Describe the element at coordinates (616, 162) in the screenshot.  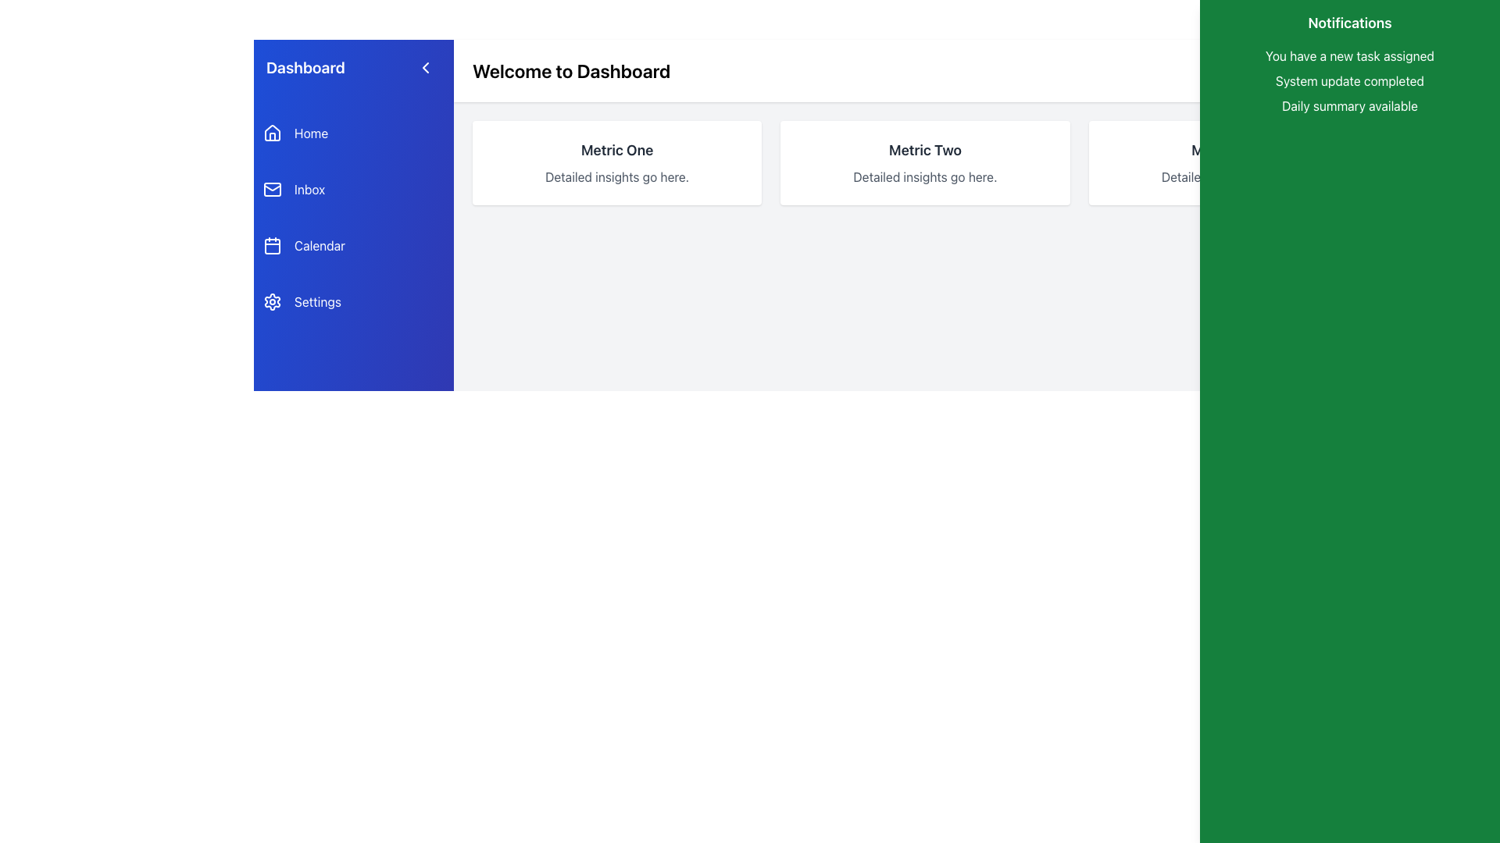
I see `the Informational Card that presents 'Metric One' and its description 'Detailed insights go here', located in the upper midsection of the interface, to the left of 'Metric Two' and 'Metric Three'` at that location.